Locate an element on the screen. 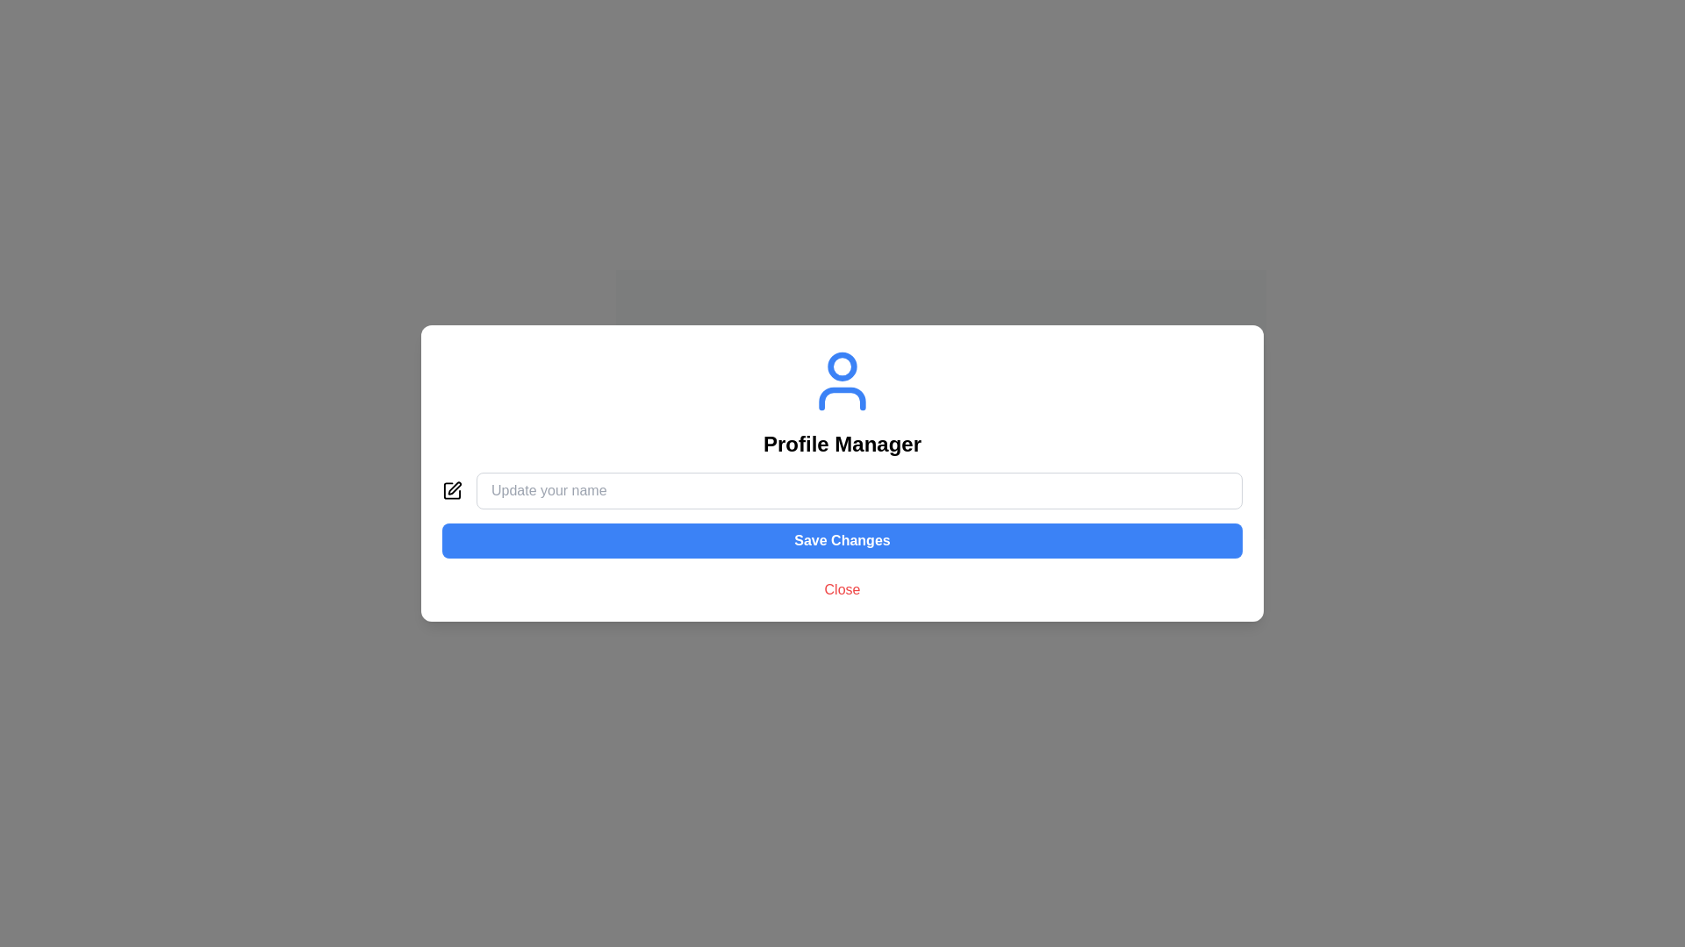 This screenshot has height=947, width=1685. the Label or Heading that provides context for user profile management, positioned between the user icon and the input field labeled 'Update your name' is located at coordinates (842, 443).